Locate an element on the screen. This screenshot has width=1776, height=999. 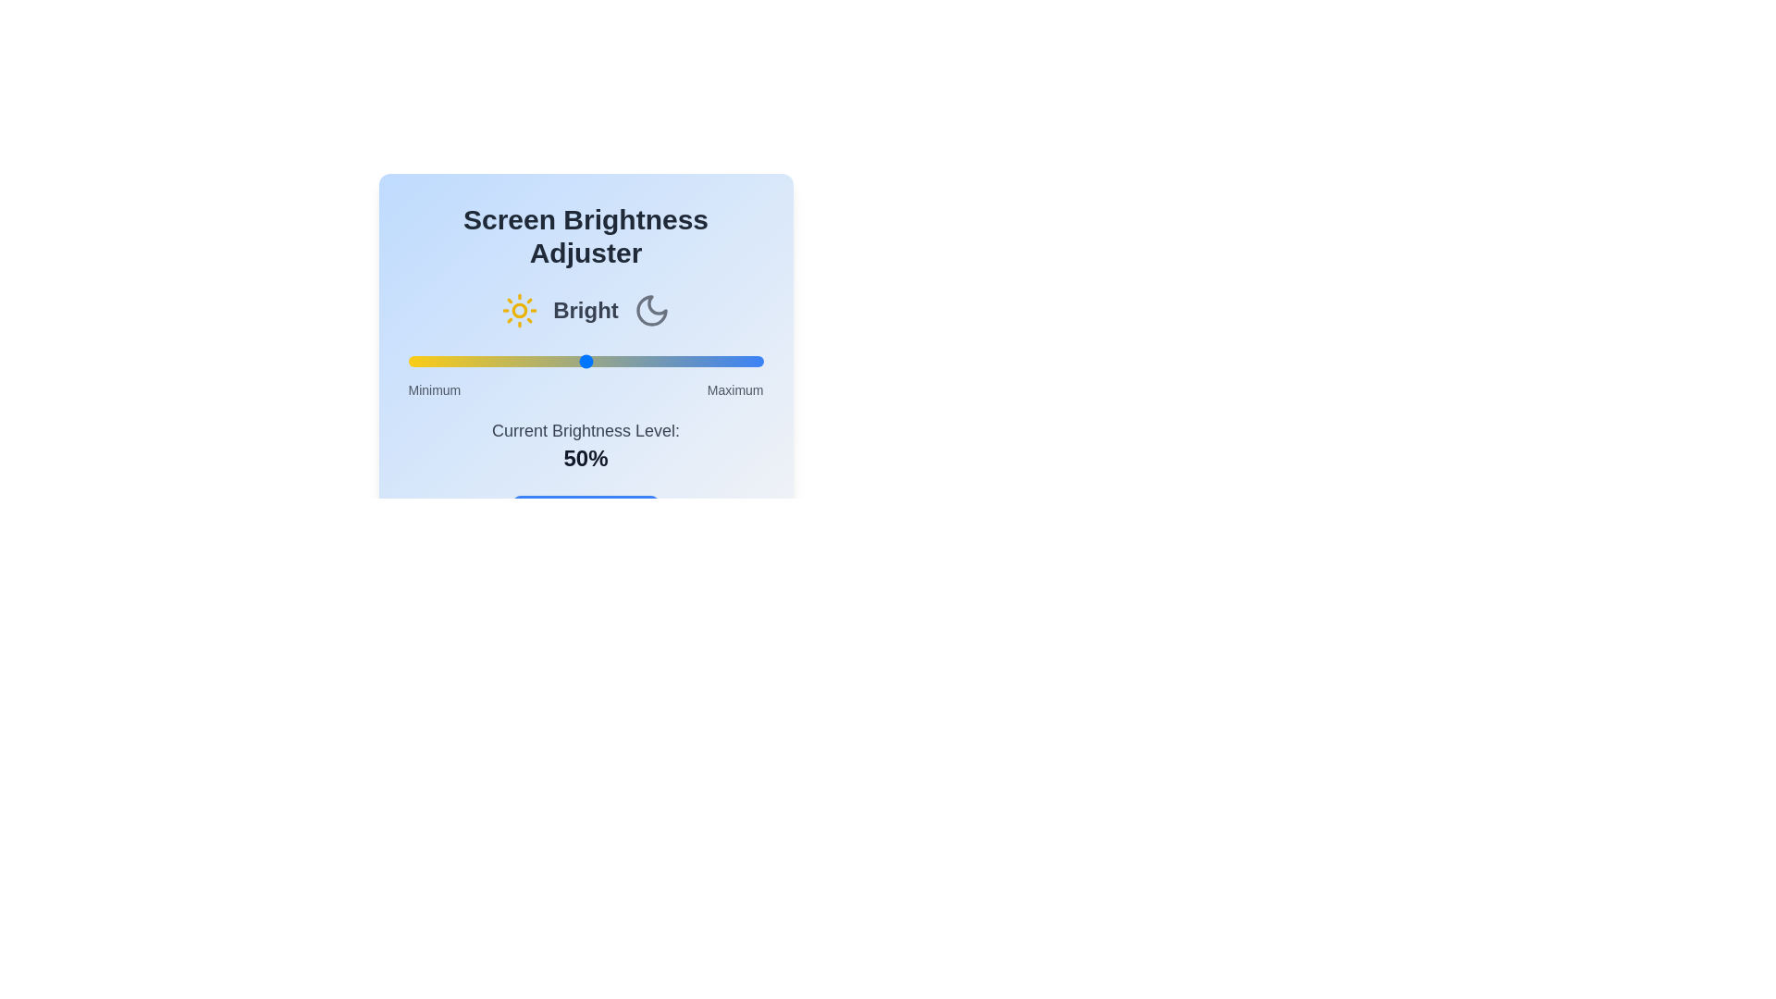
the brightness slider to 25% is located at coordinates (497, 361).